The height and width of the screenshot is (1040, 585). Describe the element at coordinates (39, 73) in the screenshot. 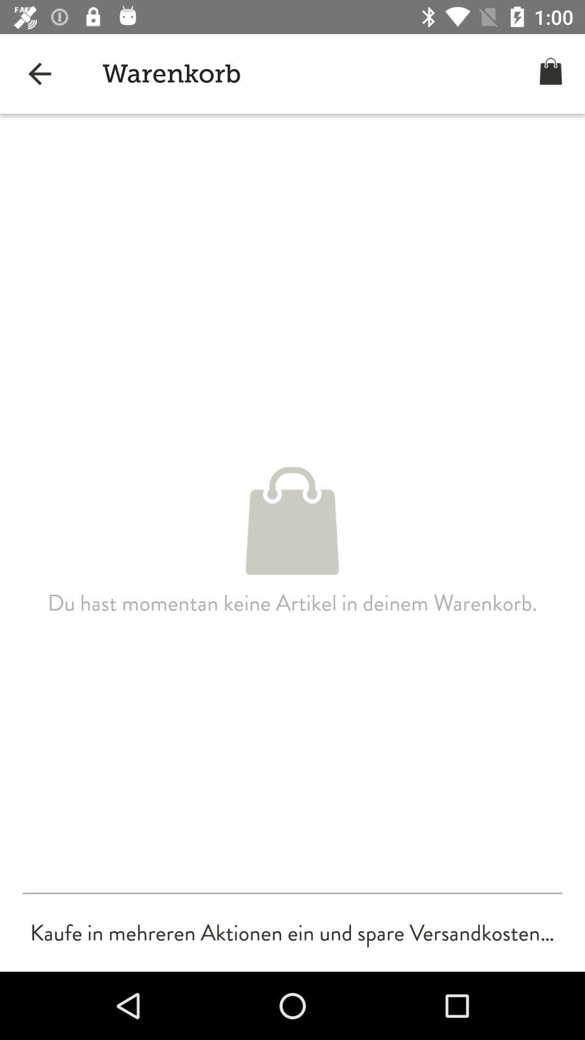

I see `icon to the left of warenkorb item` at that location.